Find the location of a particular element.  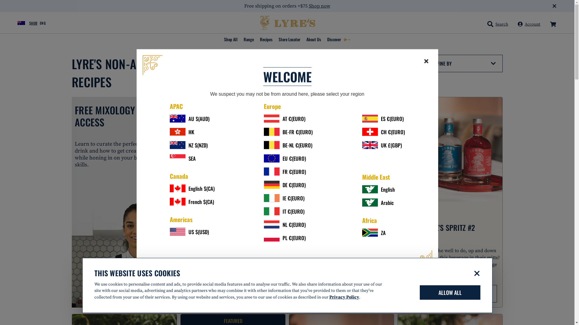

'VIEW RECIPE' is located at coordinates (186, 293).